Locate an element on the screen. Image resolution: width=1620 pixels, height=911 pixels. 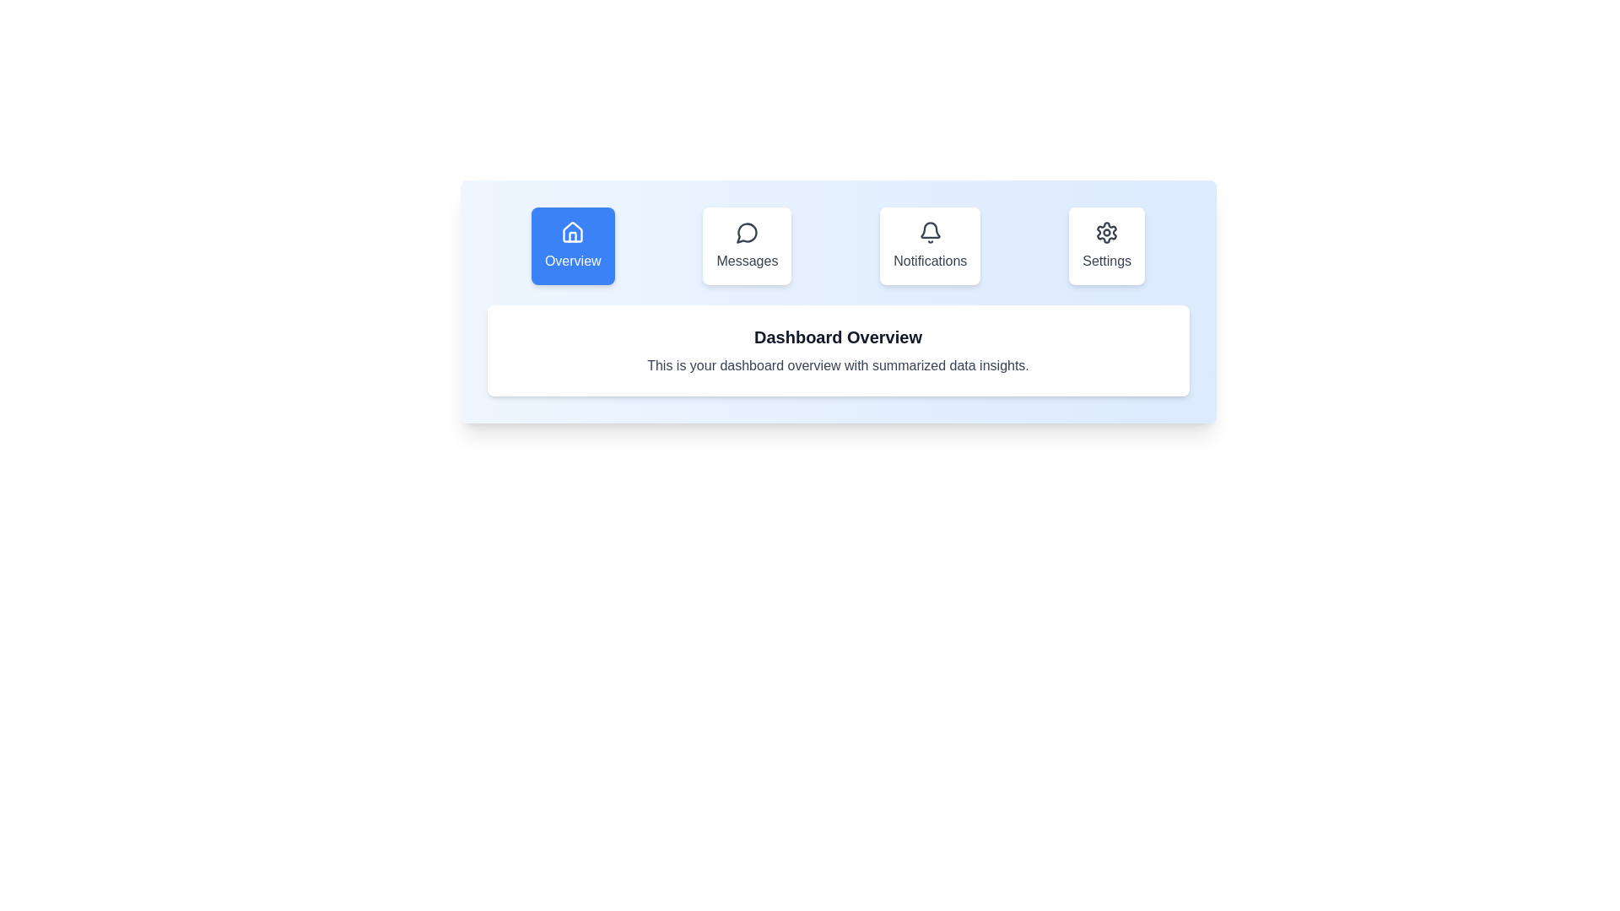
the 'Settings' button, which is a rectangular button with a gear icon and labeled text, located at the far-right among four options is located at coordinates (1107, 246).